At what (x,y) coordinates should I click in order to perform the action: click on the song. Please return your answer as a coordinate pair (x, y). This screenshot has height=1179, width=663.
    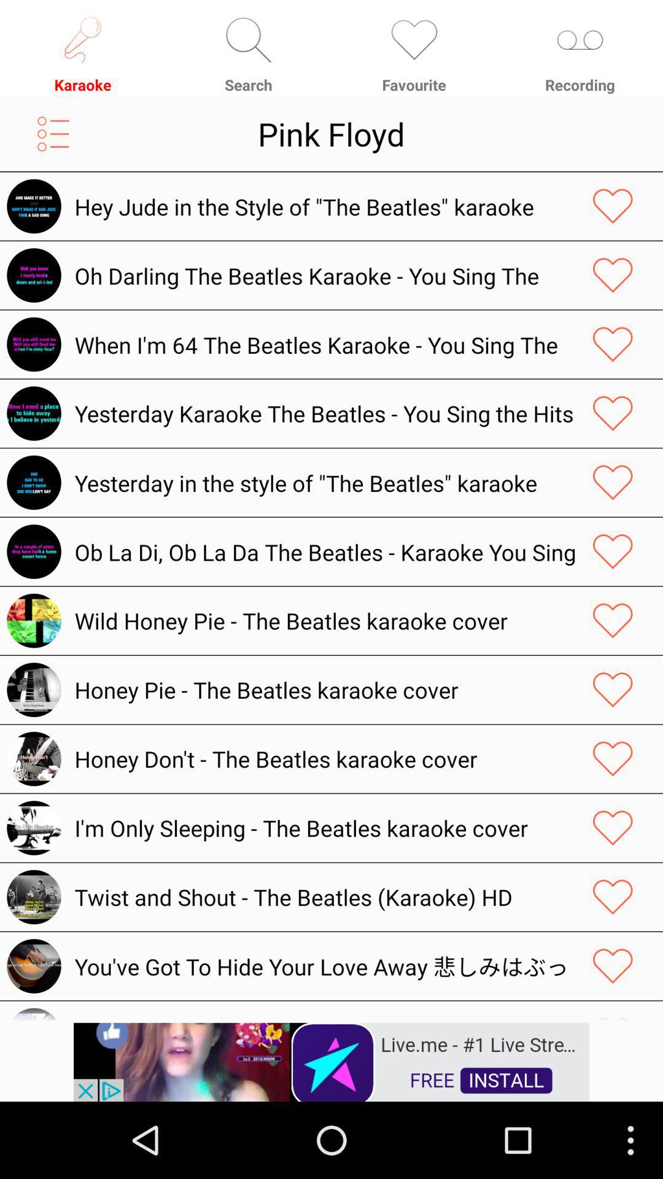
    Looking at the image, I should click on (613, 274).